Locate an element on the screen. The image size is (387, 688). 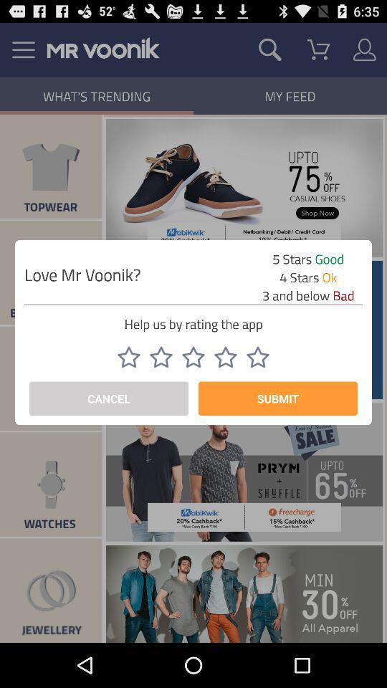
rate the app is located at coordinates (225, 356).